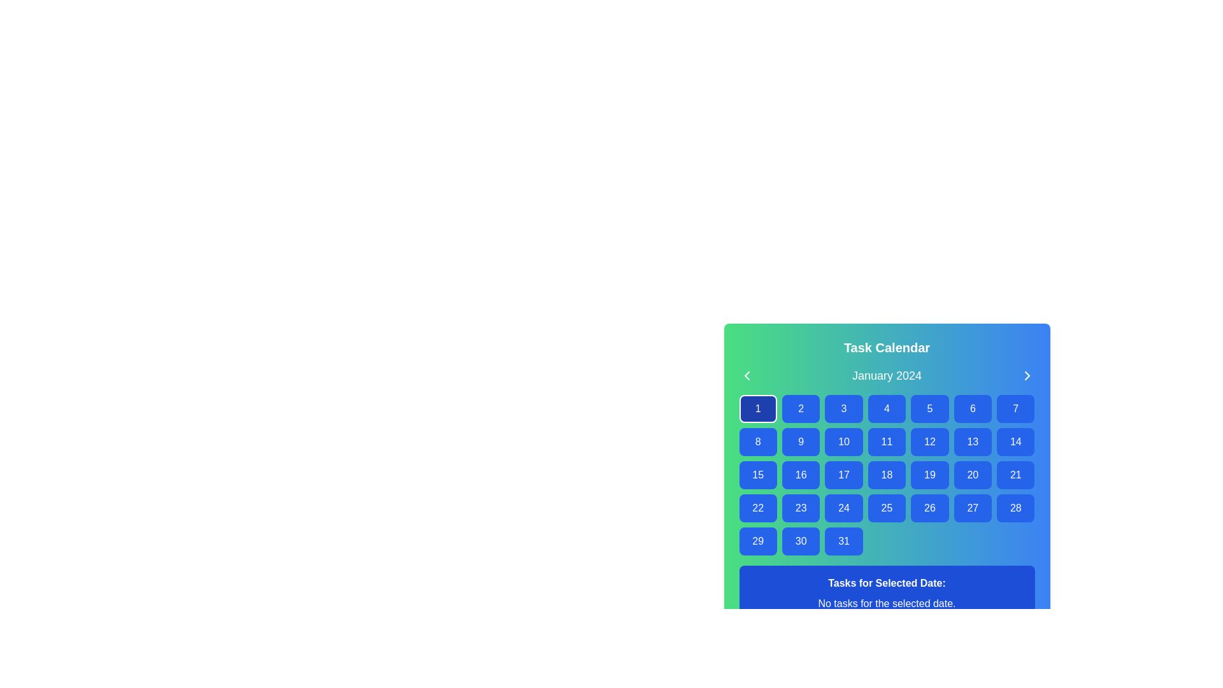 The height and width of the screenshot is (688, 1223). Describe the element at coordinates (929, 475) in the screenshot. I see `the calendar date button for January 19th, 2024` at that location.